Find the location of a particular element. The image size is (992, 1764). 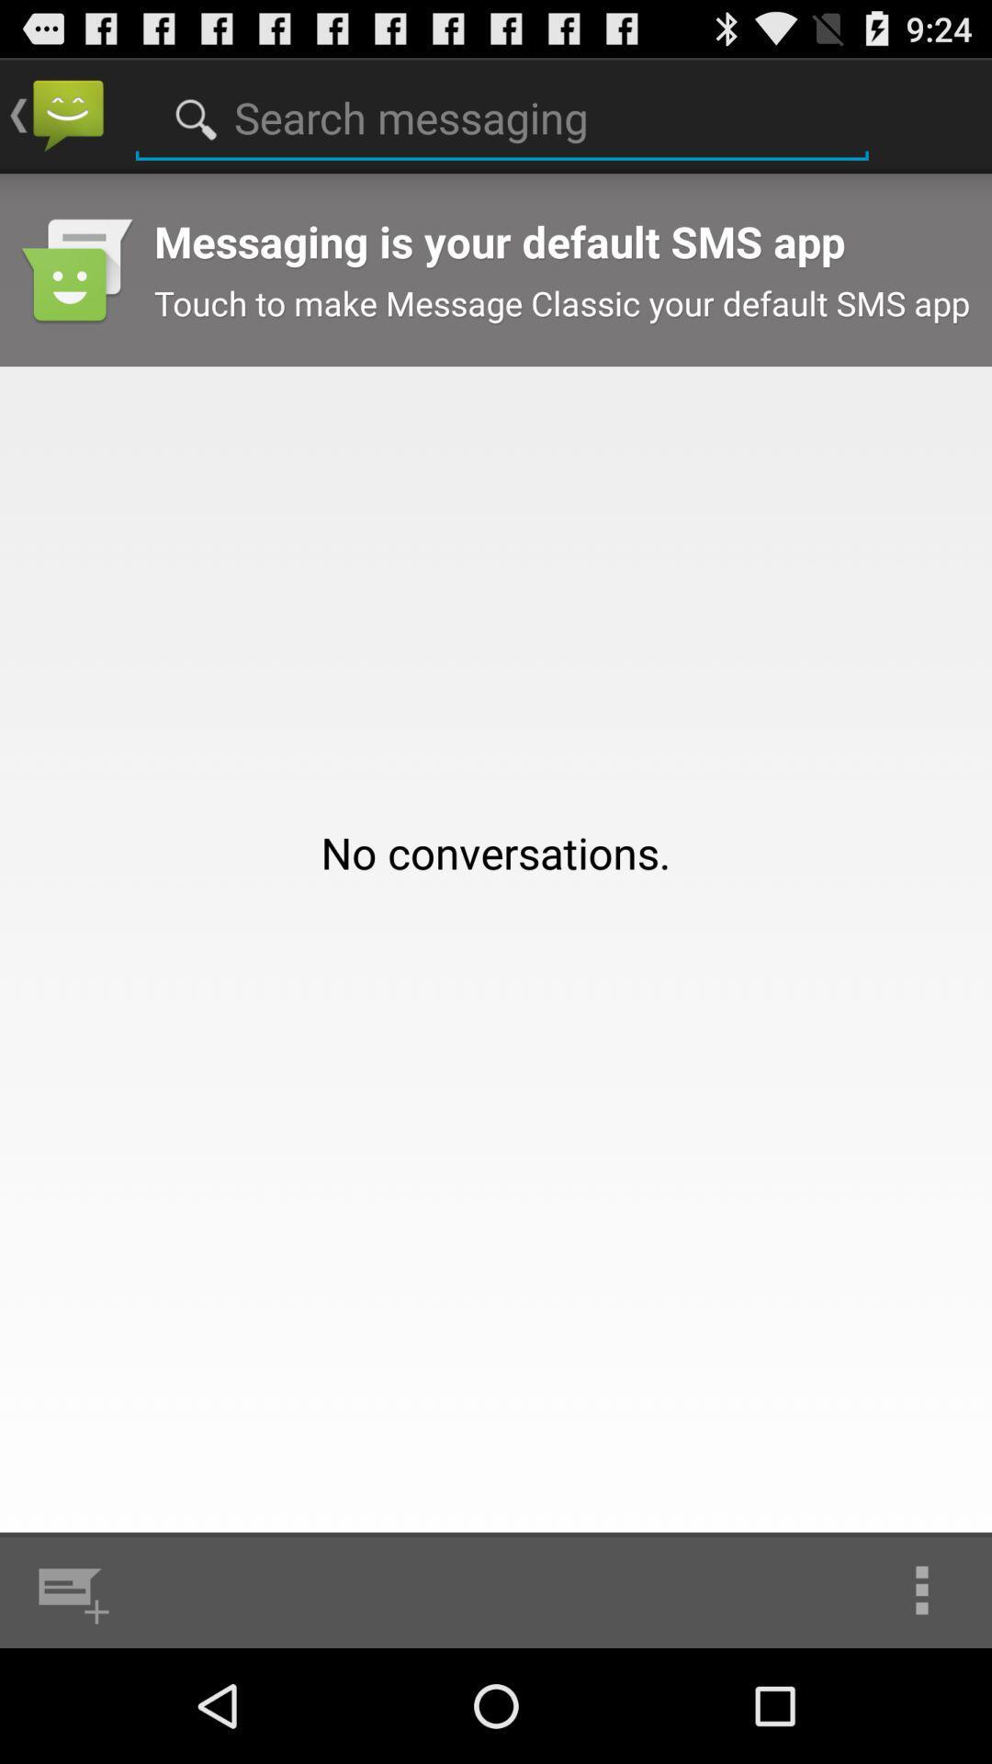

the icon at the bottom right corner is located at coordinates (921, 1589).